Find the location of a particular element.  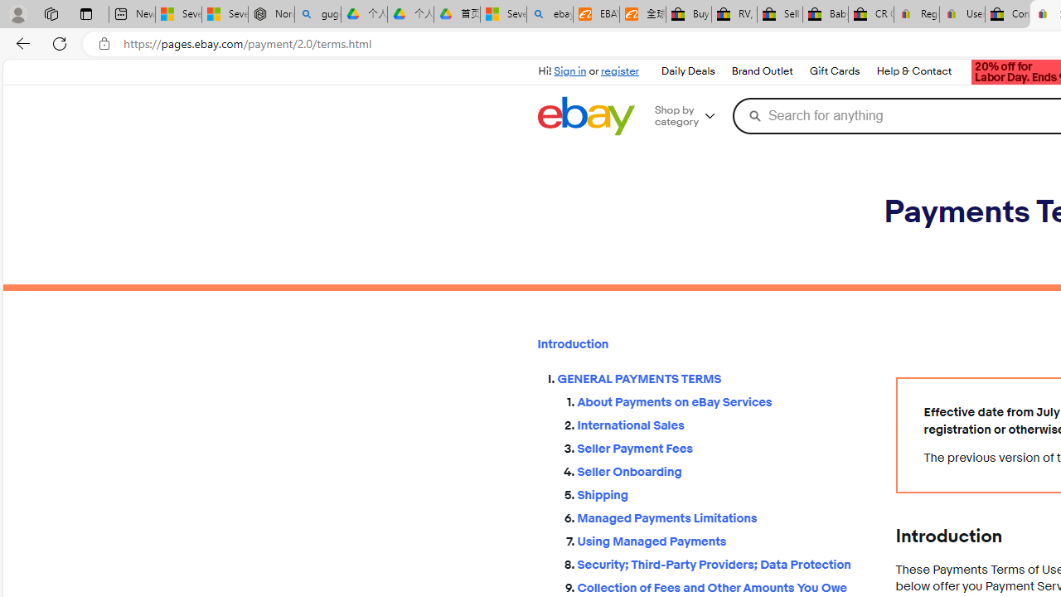

'register' is located at coordinates (619, 70).